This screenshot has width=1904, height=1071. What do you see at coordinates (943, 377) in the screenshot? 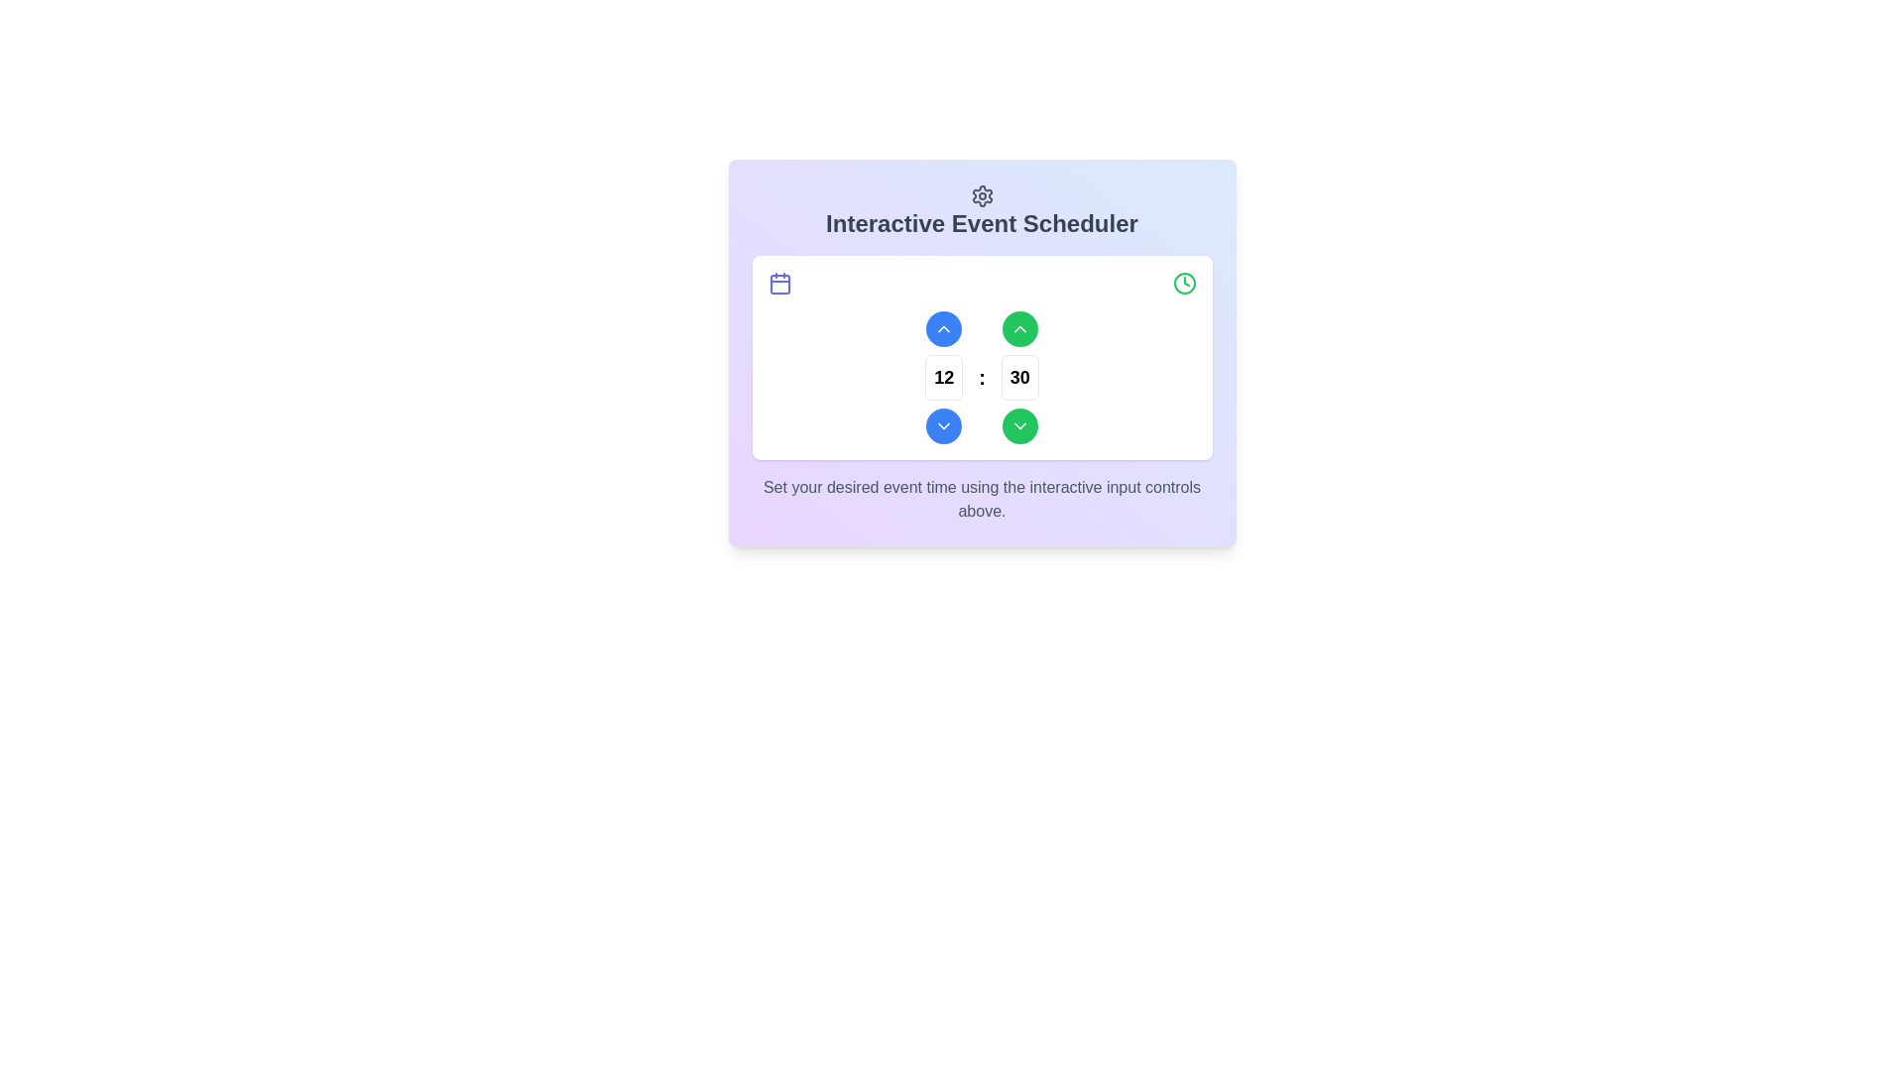
I see `hour value displayed in the time input field, which is centered in the upper half of the clock scheduling interface` at bounding box center [943, 377].